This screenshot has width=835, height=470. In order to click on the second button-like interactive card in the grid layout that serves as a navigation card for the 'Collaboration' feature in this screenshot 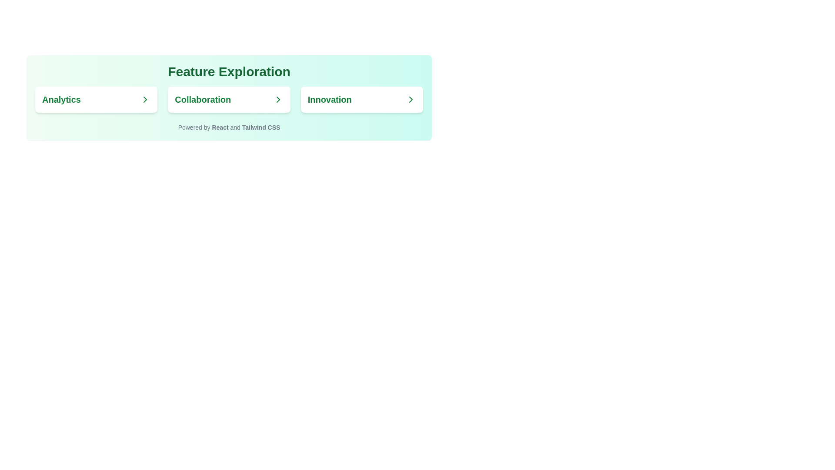, I will do `click(229, 99)`.